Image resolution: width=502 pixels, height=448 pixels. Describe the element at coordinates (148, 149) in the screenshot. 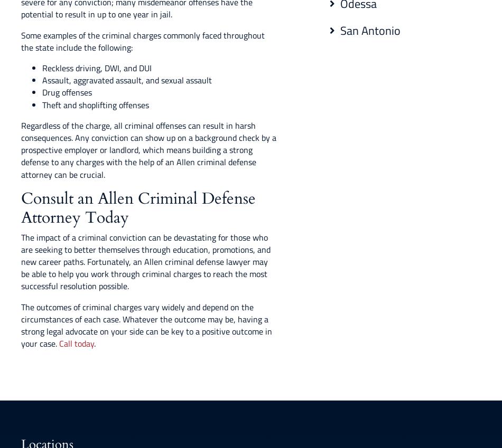

I see `'Regardless of the charge, all criminal offenses can result in harsh consequences. Any conviction can show up on a background check by a prospective employer or landlord, which means building a strong defense to any charges with the help of an Allen criminal defense attorney can be crucial.'` at that location.